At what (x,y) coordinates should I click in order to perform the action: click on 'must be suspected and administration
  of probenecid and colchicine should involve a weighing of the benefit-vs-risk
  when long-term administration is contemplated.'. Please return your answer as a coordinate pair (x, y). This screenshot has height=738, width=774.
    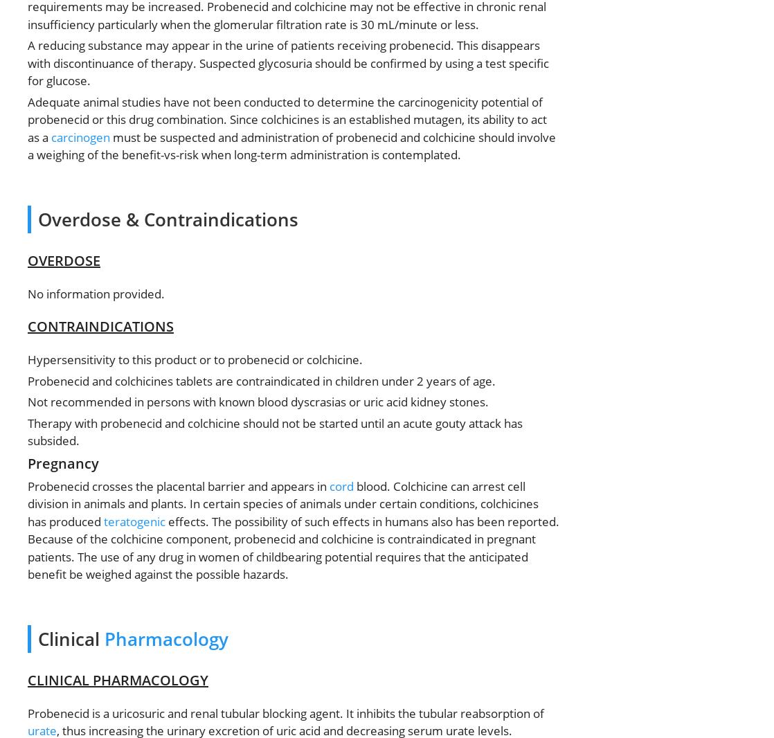
    Looking at the image, I should click on (291, 145).